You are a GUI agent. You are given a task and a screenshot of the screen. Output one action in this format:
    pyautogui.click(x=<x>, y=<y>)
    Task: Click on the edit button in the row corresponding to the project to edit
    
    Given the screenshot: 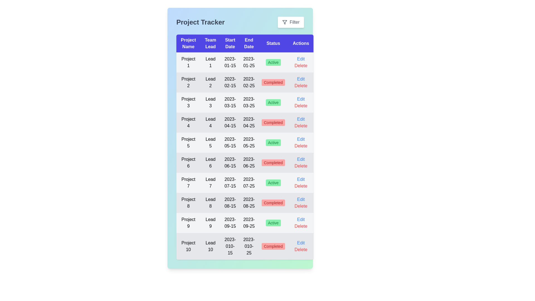 What is the action you would take?
    pyautogui.click(x=301, y=59)
    